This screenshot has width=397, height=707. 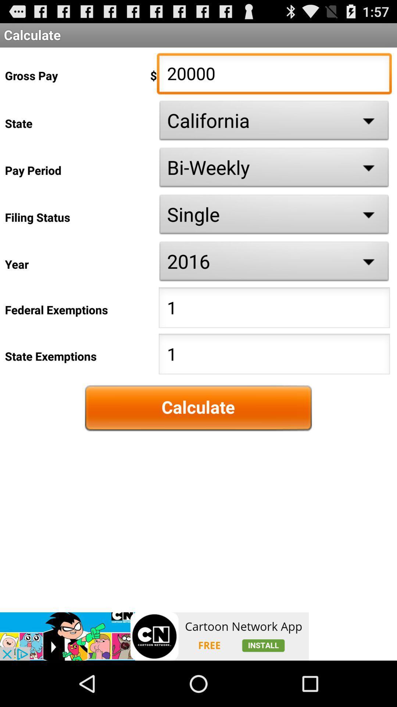 I want to click on advertisement, so click(x=154, y=636).